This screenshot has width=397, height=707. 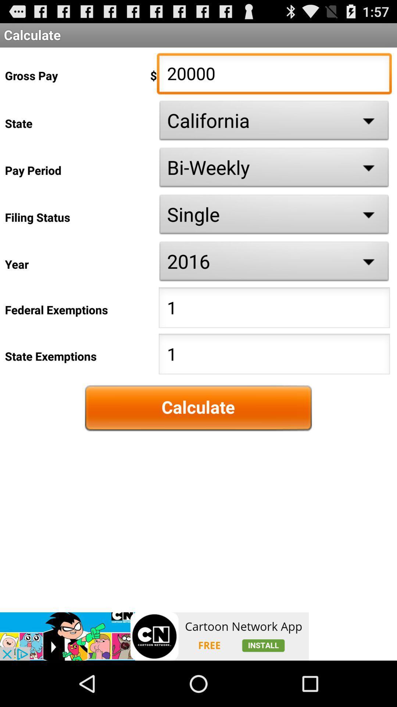 I want to click on advertisement, so click(x=154, y=636).